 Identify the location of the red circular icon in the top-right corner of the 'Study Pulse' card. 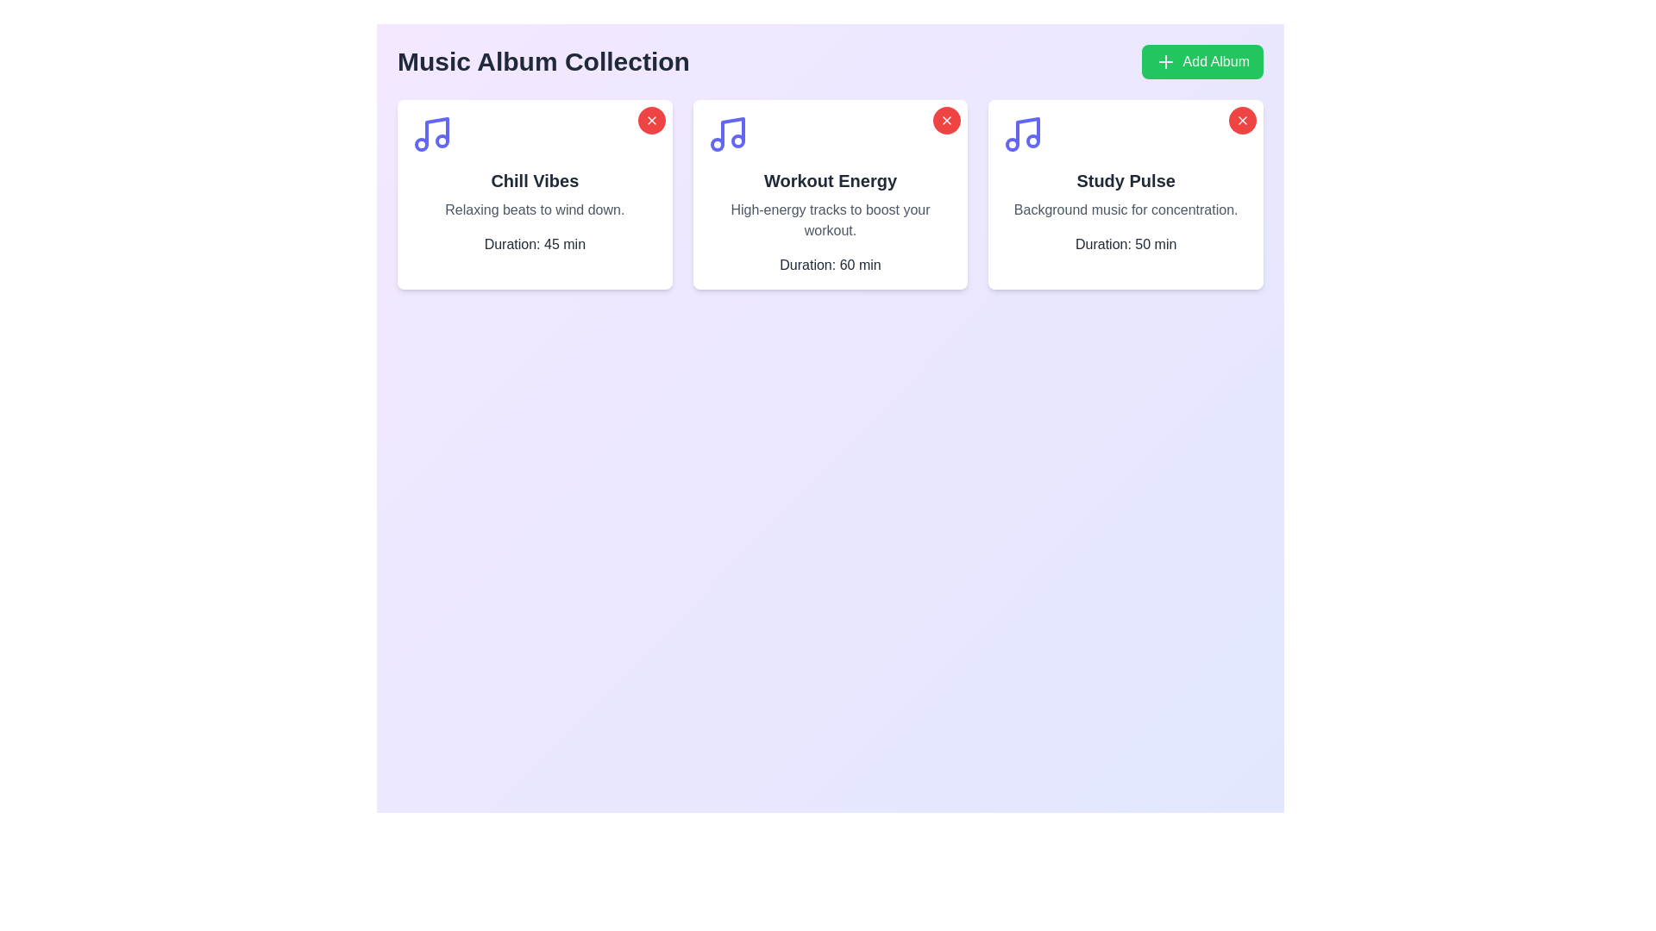
(1242, 119).